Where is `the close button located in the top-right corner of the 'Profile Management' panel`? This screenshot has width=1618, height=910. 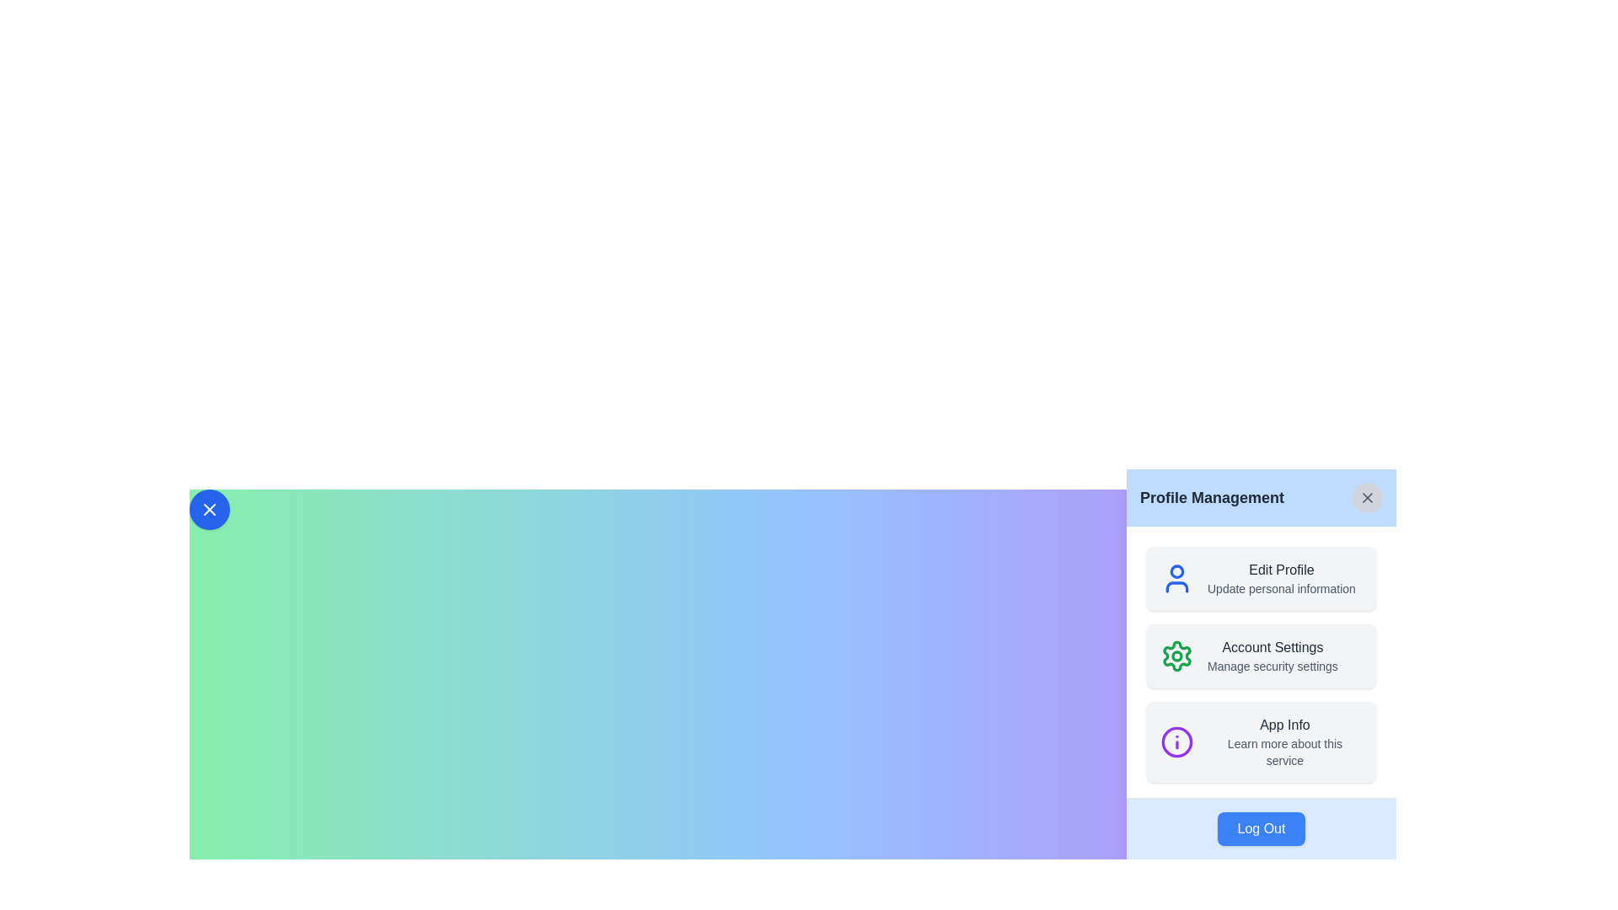
the close button located in the top-right corner of the 'Profile Management' panel is located at coordinates (1367, 496).